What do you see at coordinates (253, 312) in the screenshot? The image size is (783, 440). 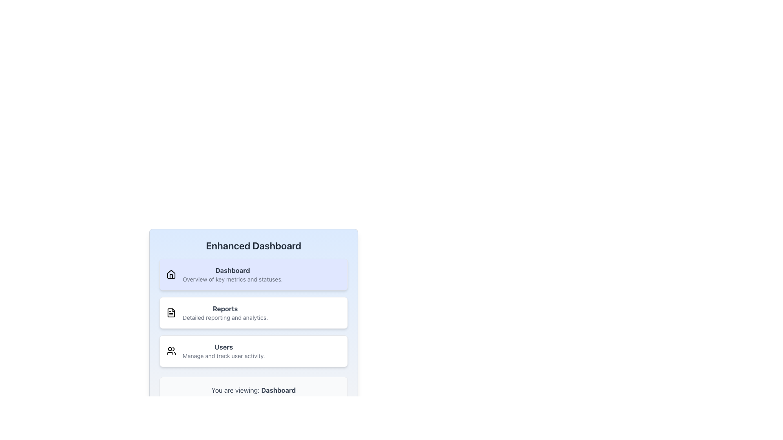 I see `the second card button in the vertically stacked list` at bounding box center [253, 312].